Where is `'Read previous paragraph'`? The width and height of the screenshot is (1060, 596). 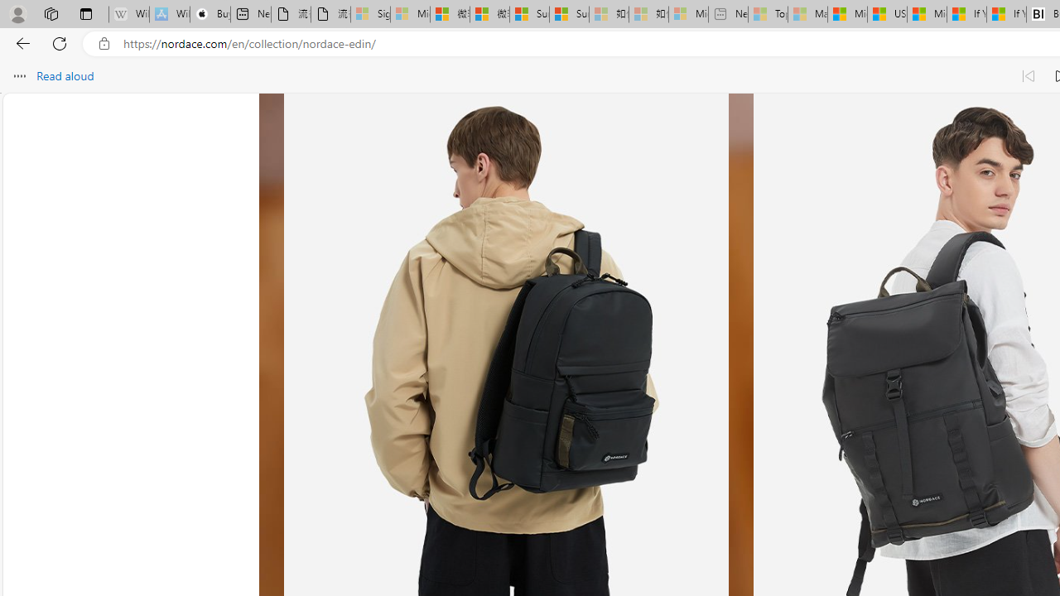
'Read previous paragraph' is located at coordinates (1027, 76).